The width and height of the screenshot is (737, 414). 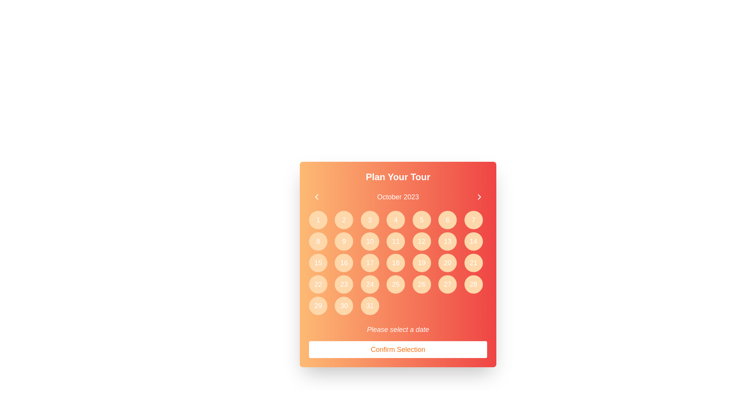 What do you see at coordinates (473, 241) in the screenshot?
I see `the circular button with a light orange background and white text '14'` at bounding box center [473, 241].